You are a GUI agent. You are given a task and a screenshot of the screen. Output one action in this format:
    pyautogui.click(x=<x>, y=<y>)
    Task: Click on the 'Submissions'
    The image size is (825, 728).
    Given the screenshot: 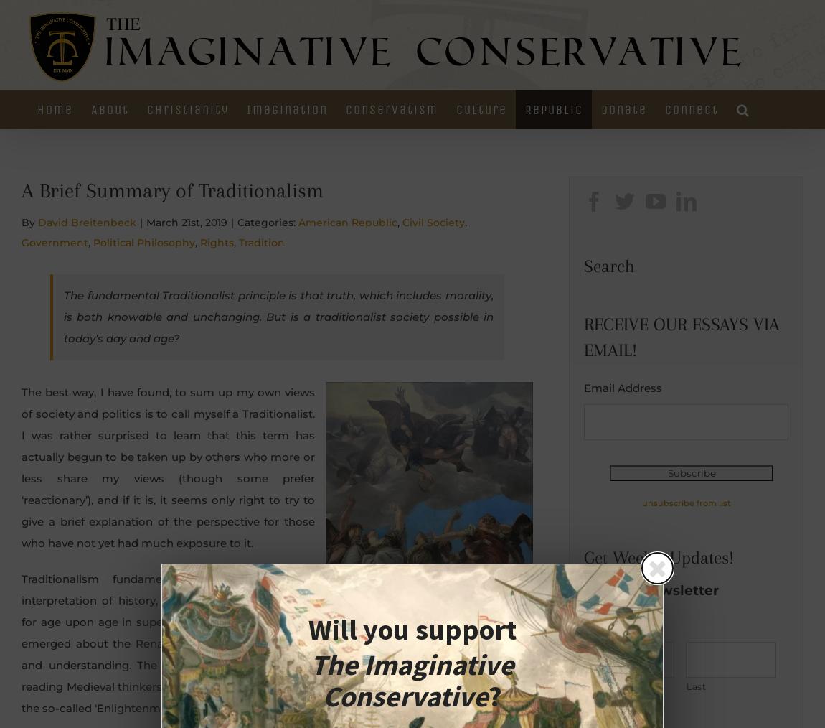 What is the action you would take?
    pyautogui.click(x=703, y=231)
    